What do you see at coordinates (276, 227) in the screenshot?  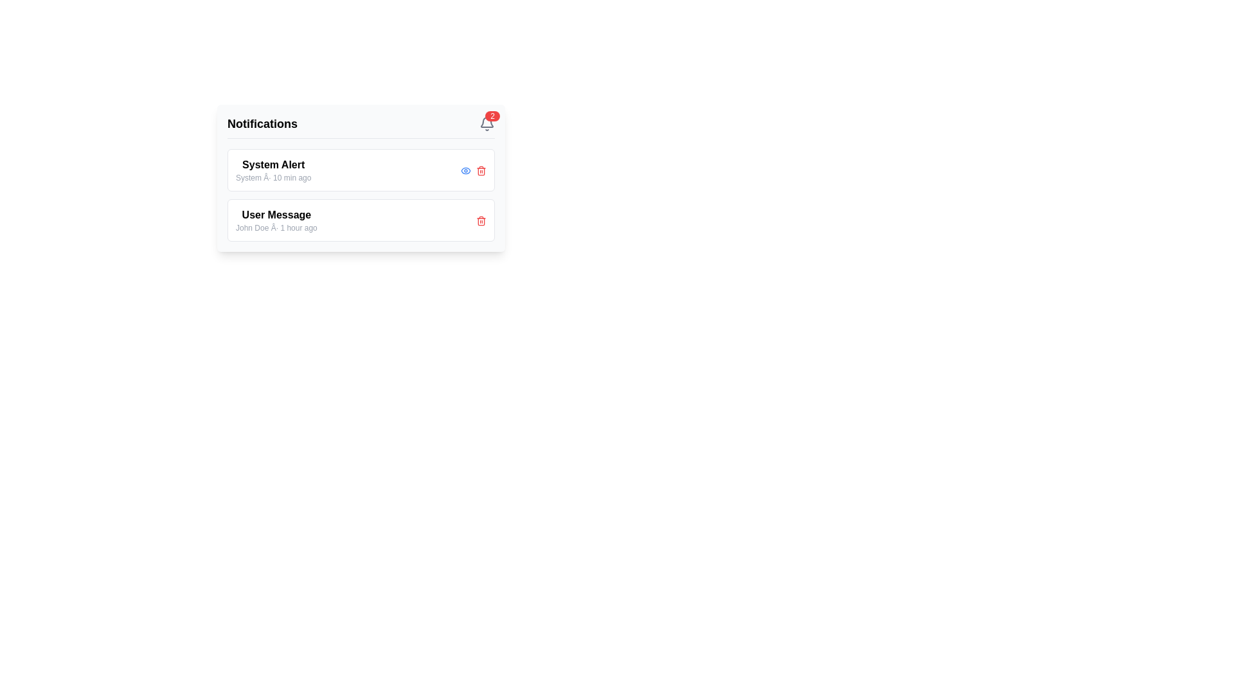 I see `text from the Text Label displaying 'John Doe · 1 hour ago.' located below the 'User Message' heading in the notification card under the 'Notifications' section` at bounding box center [276, 227].